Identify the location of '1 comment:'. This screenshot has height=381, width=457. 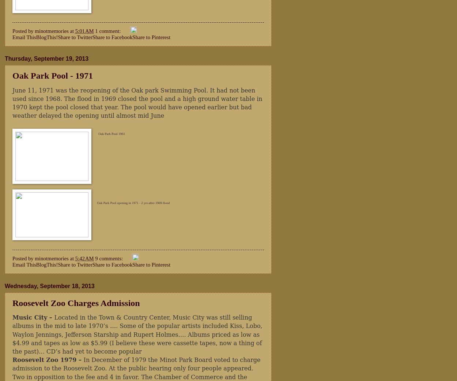
(108, 31).